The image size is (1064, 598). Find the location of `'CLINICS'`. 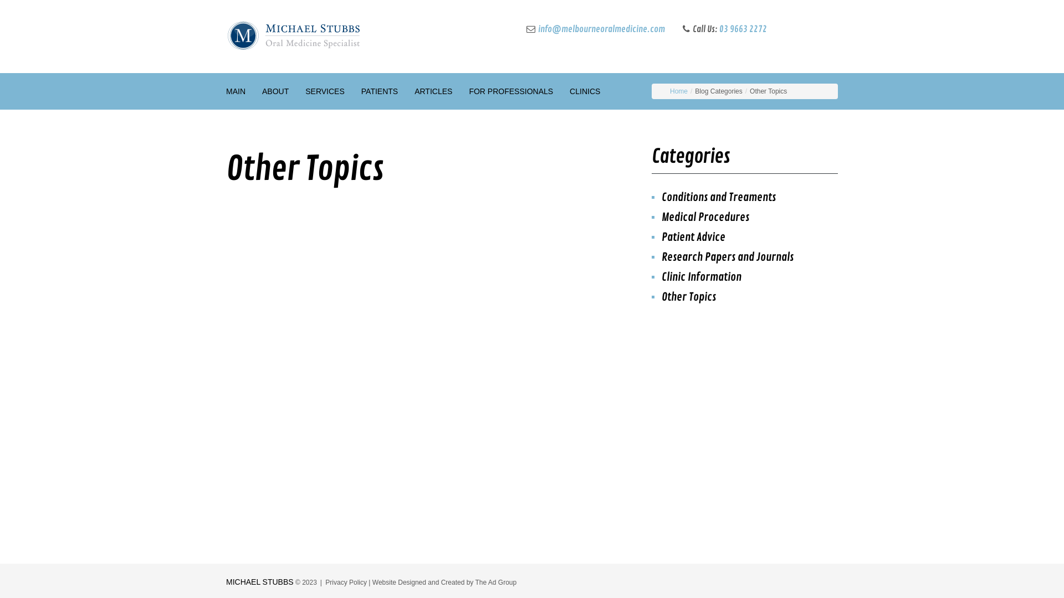

'CLINICS' is located at coordinates (584, 91).